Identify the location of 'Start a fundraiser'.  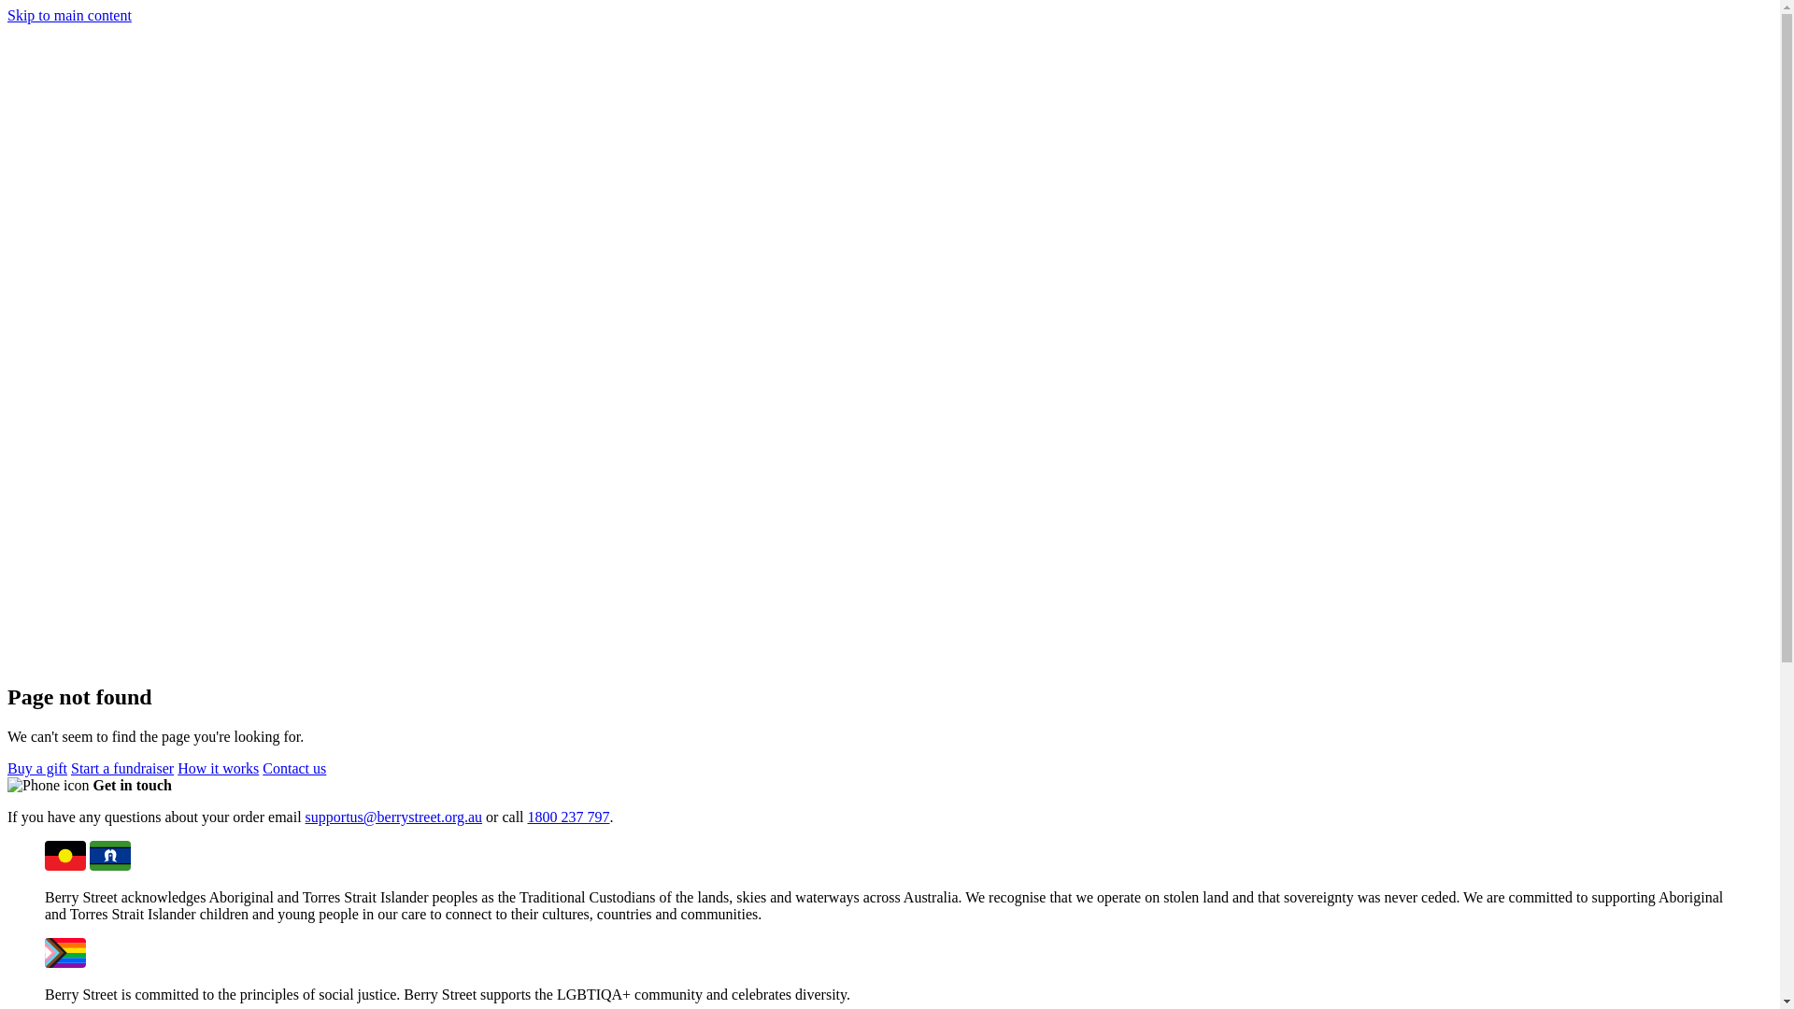
(121, 768).